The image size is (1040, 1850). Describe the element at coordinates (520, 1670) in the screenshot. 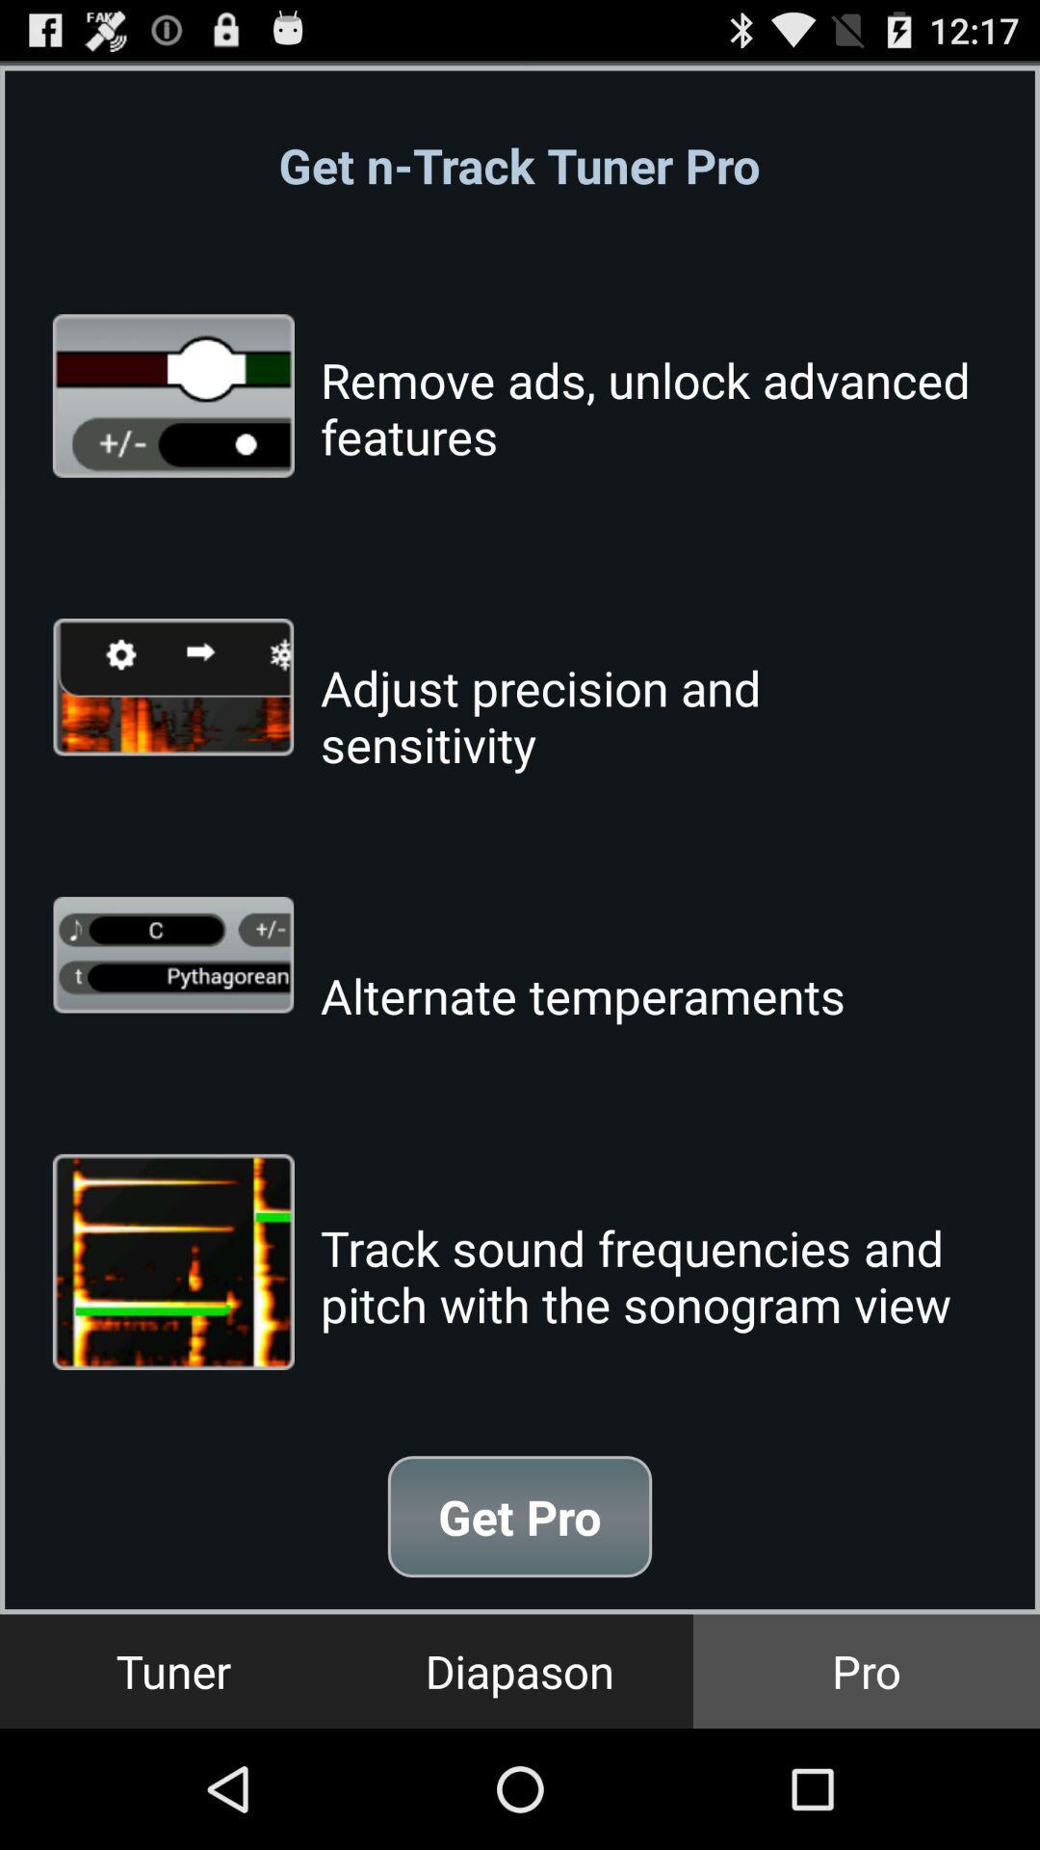

I see `icon next to tuner button` at that location.